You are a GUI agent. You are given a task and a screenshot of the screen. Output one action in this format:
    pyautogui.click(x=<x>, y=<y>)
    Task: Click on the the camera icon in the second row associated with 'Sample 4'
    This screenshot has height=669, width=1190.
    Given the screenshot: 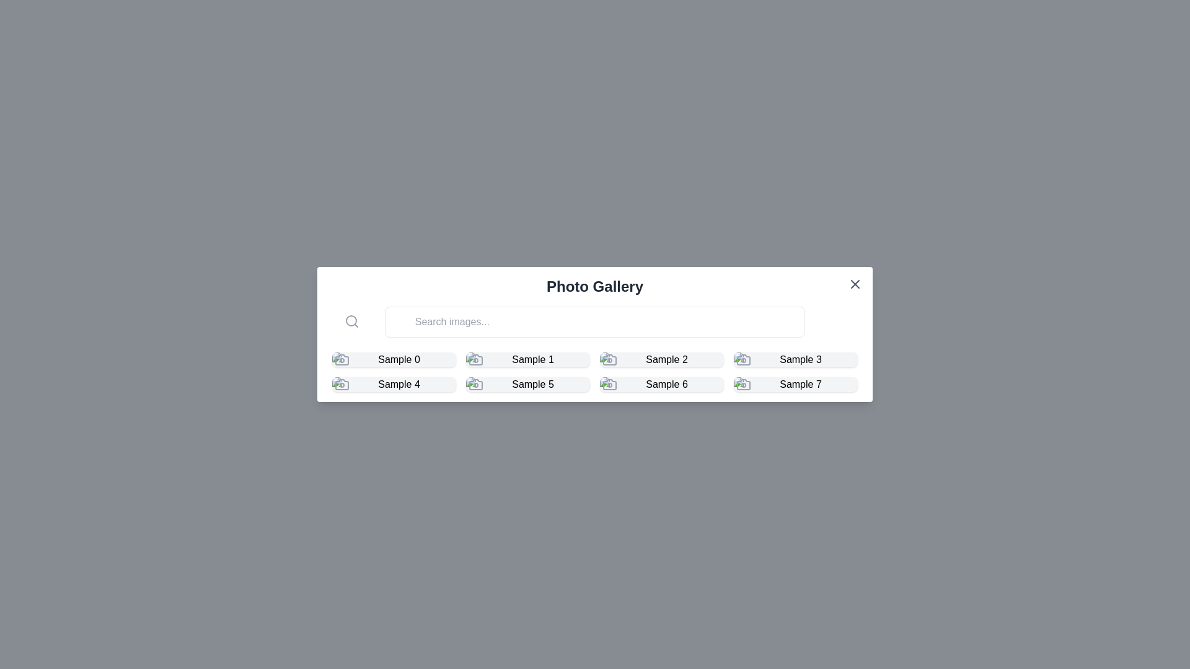 What is the action you would take?
    pyautogui.click(x=342, y=384)
    